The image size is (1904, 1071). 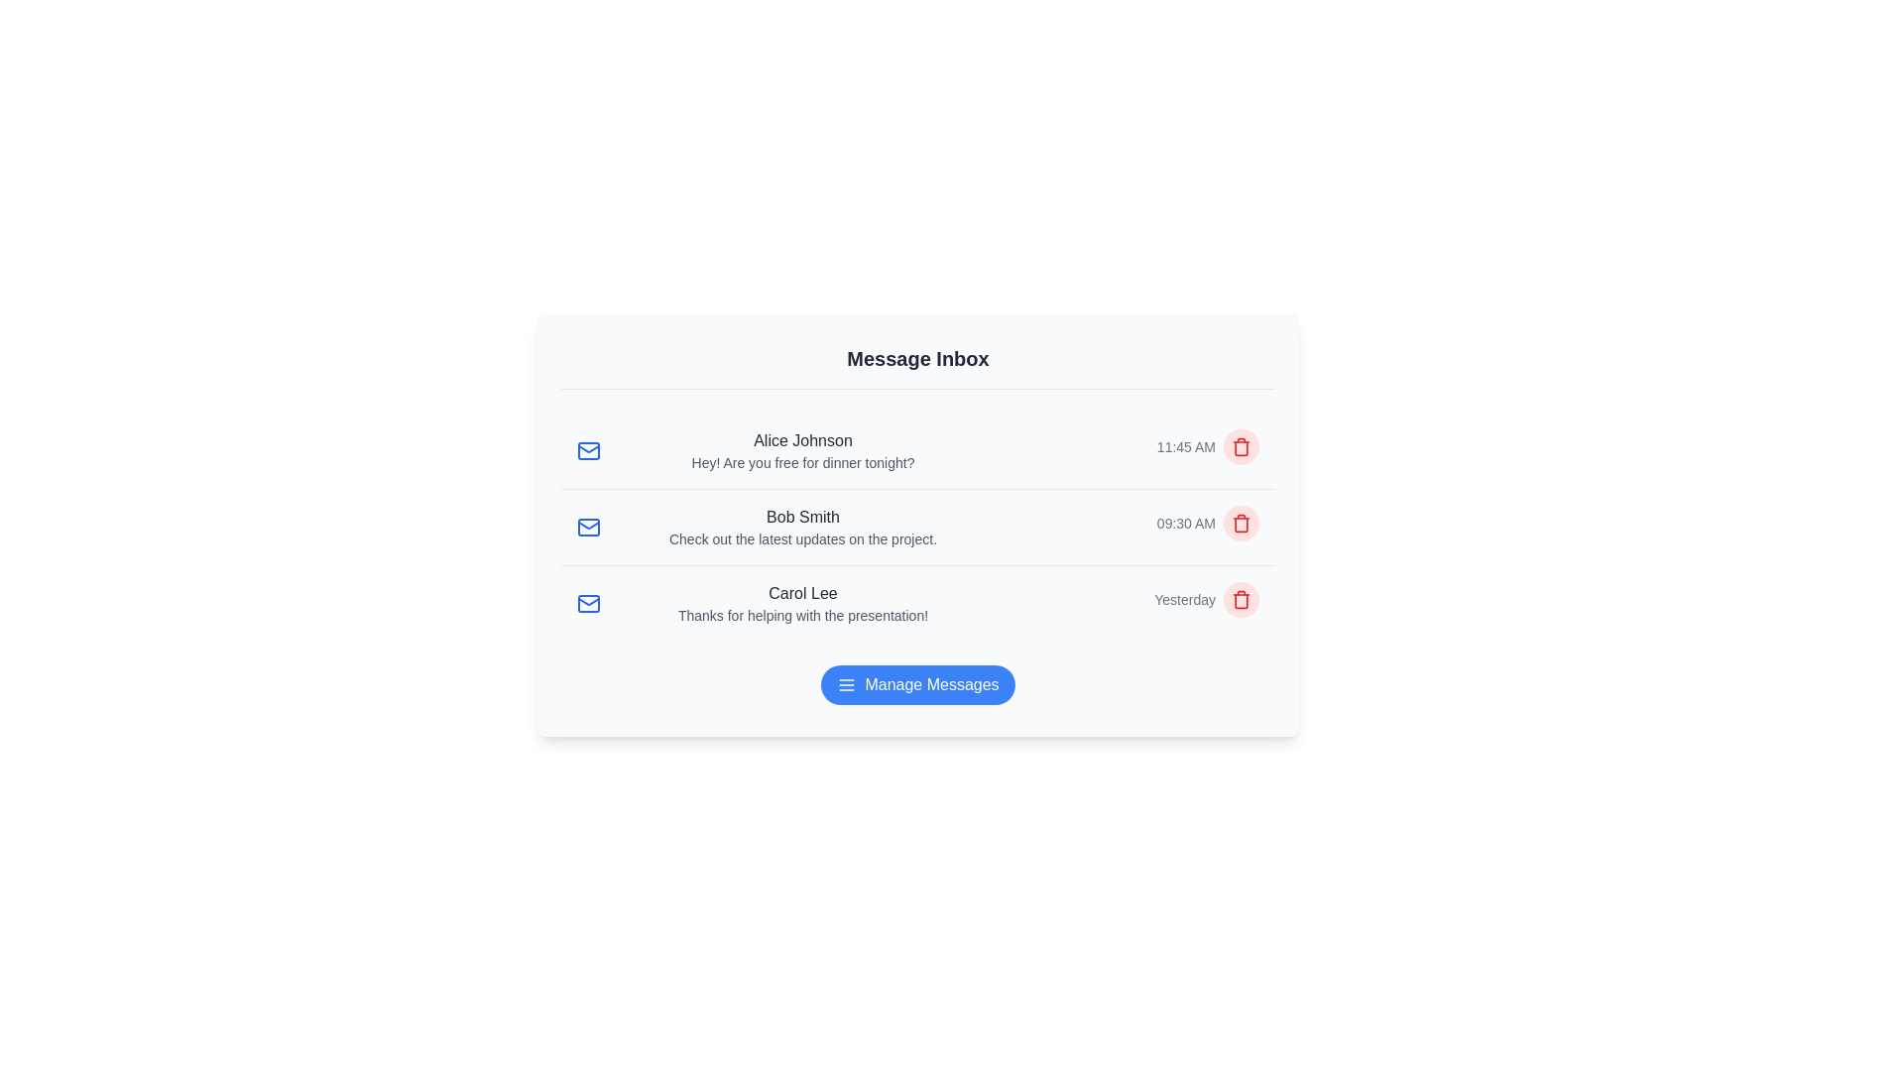 I want to click on the message row corresponding to Alice Johnson, so click(x=917, y=451).